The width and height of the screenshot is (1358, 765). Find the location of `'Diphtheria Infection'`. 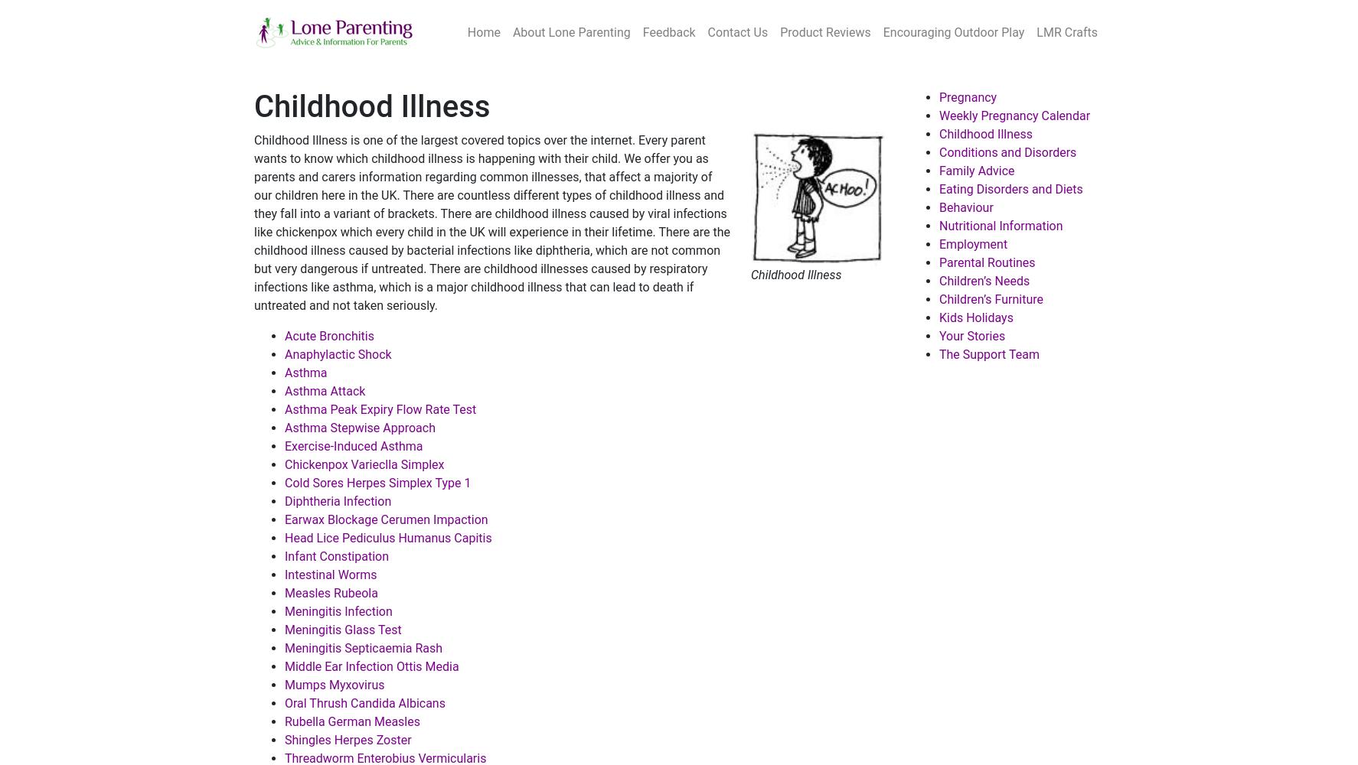

'Diphtheria Infection' is located at coordinates (284, 501).